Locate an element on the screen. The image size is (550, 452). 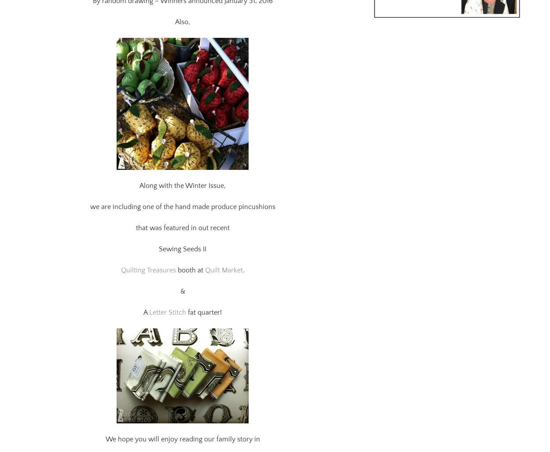
'Also,' is located at coordinates (175, 11).